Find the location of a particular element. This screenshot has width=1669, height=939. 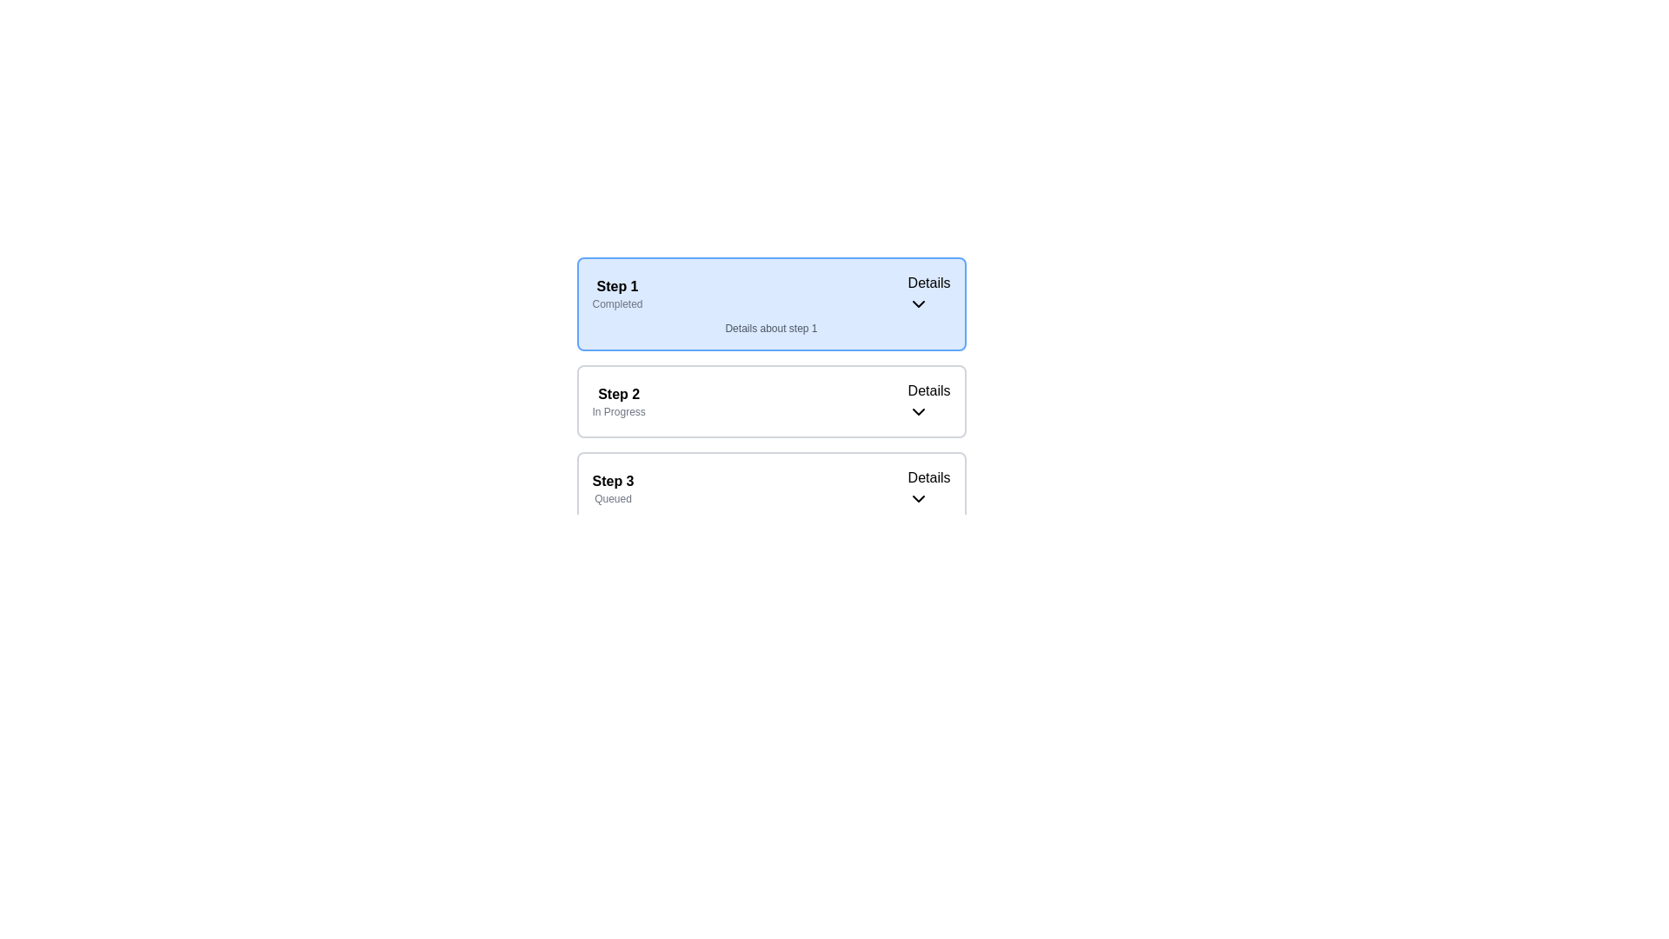

status indicator label located at the lower-left section of the blue-highlighted box for 'Step 1', which is the second line of text below the bolded 'Step 1' label is located at coordinates (617, 303).